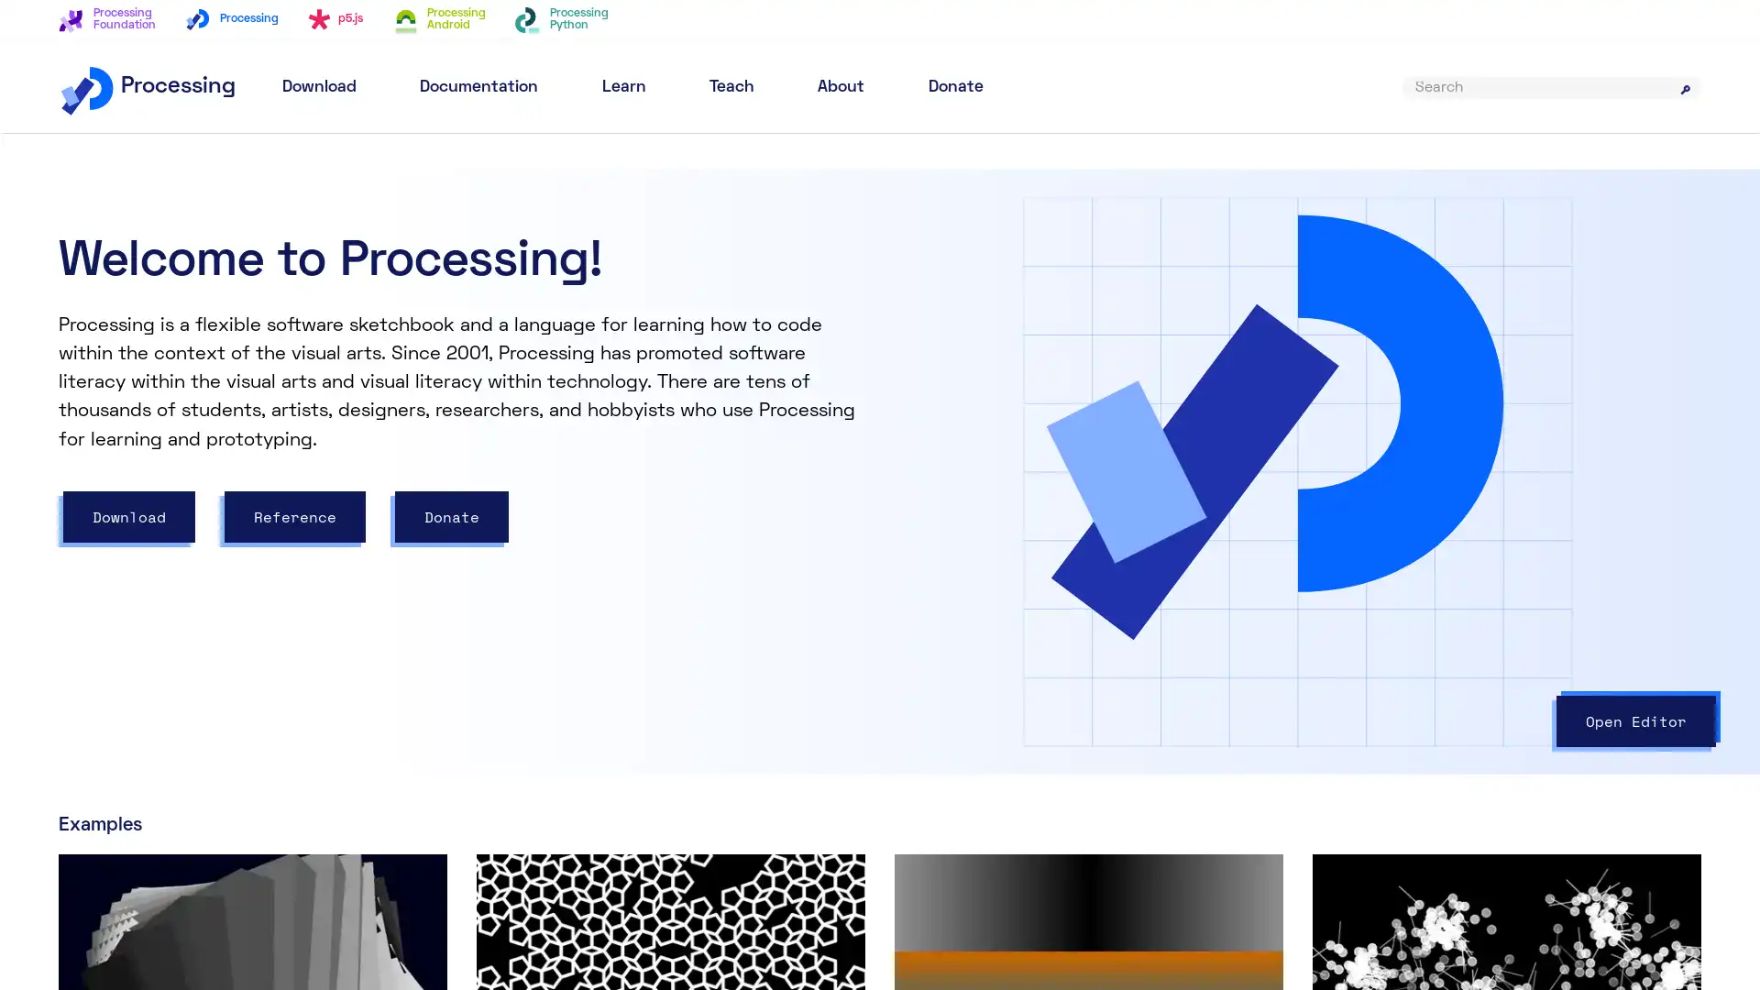  What do you see at coordinates (1226, 502) in the screenshot?
I see `change position` at bounding box center [1226, 502].